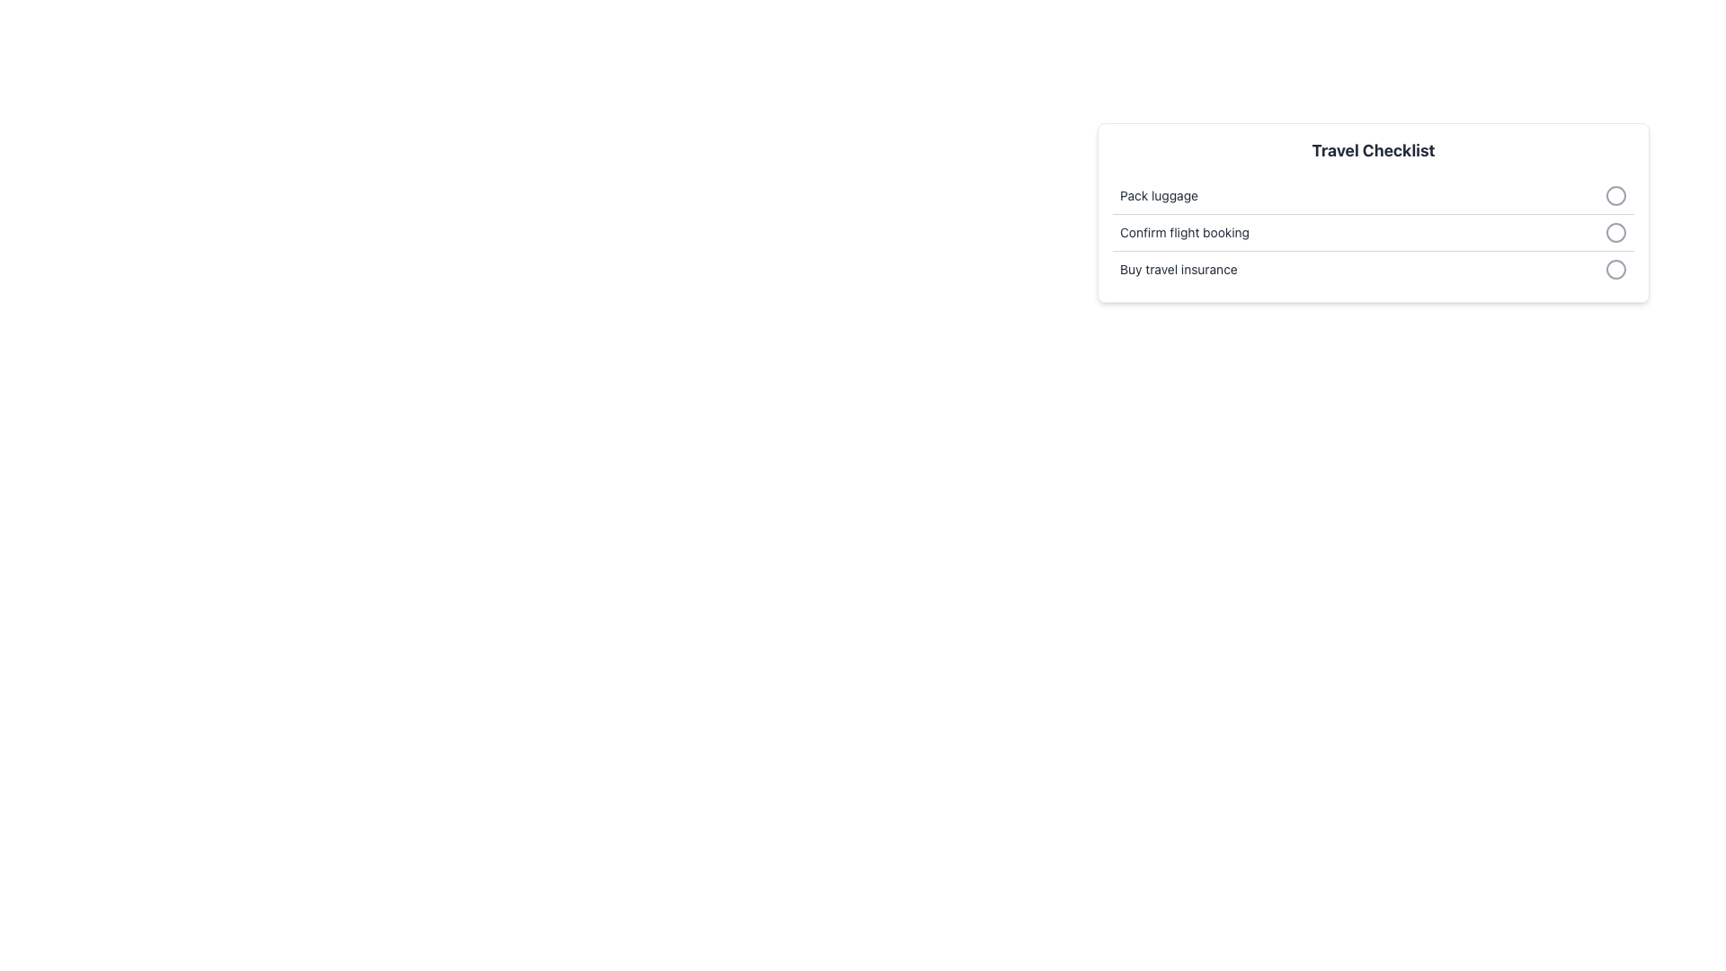  Describe the element at coordinates (1159, 196) in the screenshot. I see `the 'Pack luggage' label which is a small-sized text element in gray color, part of the checklist item layout` at that location.